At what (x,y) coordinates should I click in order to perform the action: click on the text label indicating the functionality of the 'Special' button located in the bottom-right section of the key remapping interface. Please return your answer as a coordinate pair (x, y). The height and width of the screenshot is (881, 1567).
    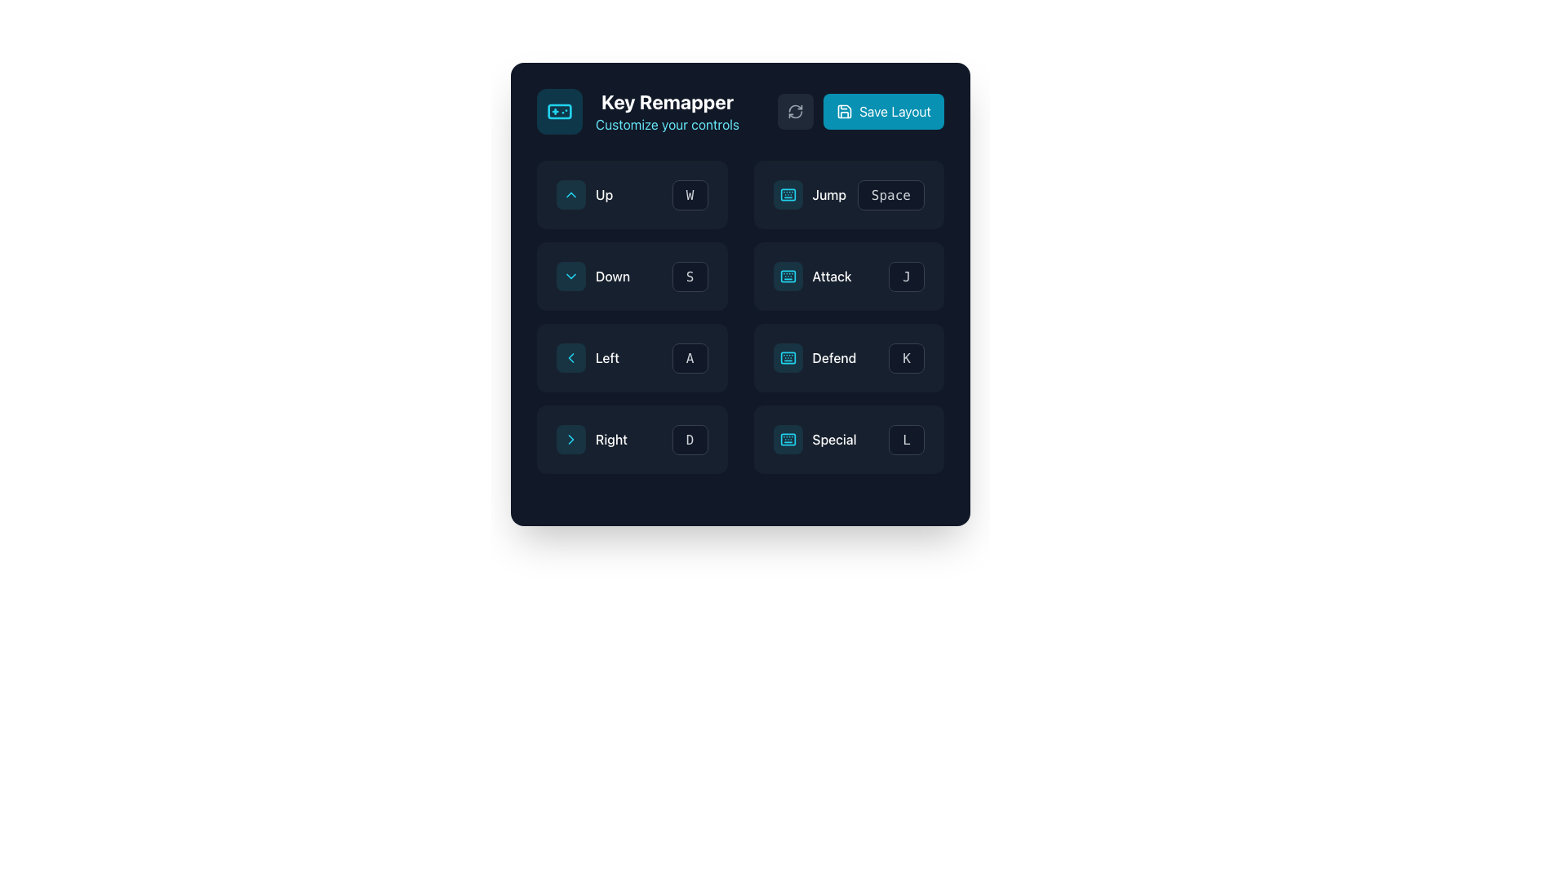
    Looking at the image, I should click on (834, 439).